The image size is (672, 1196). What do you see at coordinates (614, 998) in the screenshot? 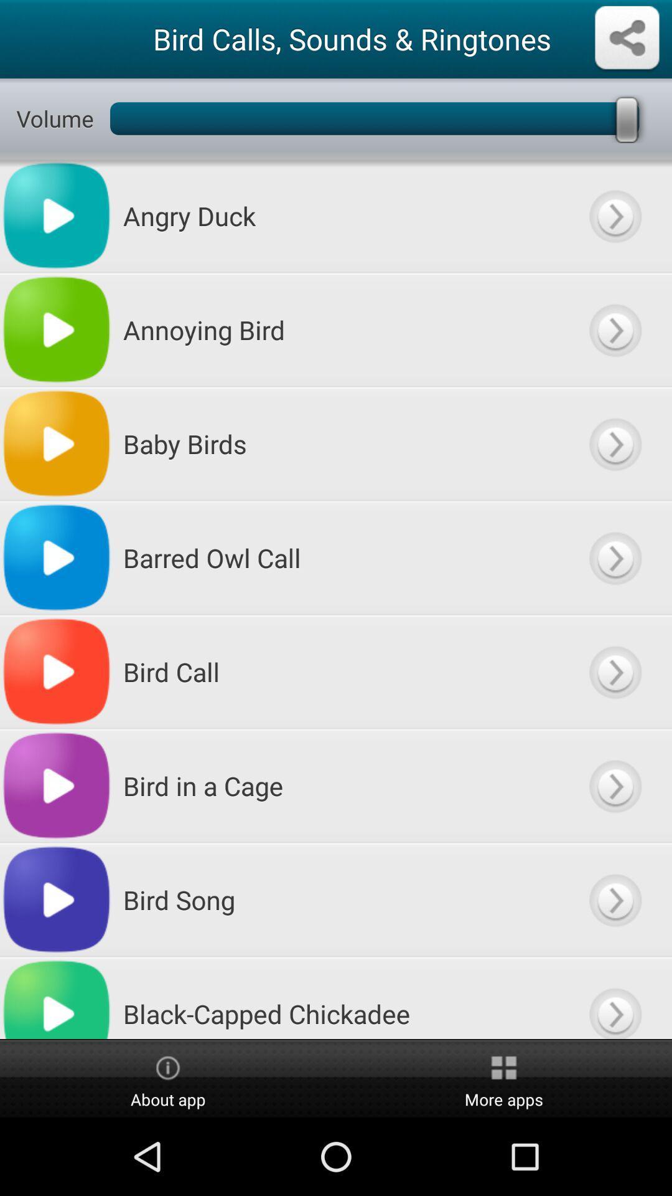
I see `use ringtone` at bounding box center [614, 998].